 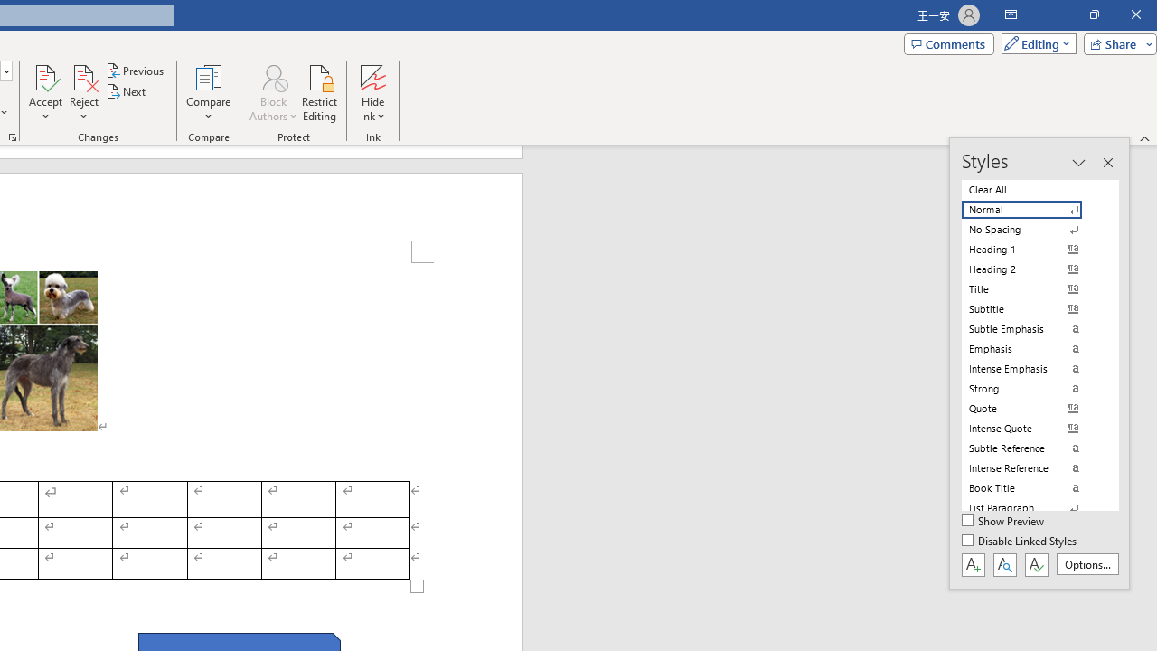 What do you see at coordinates (1032, 387) in the screenshot?
I see `'Strong'` at bounding box center [1032, 387].